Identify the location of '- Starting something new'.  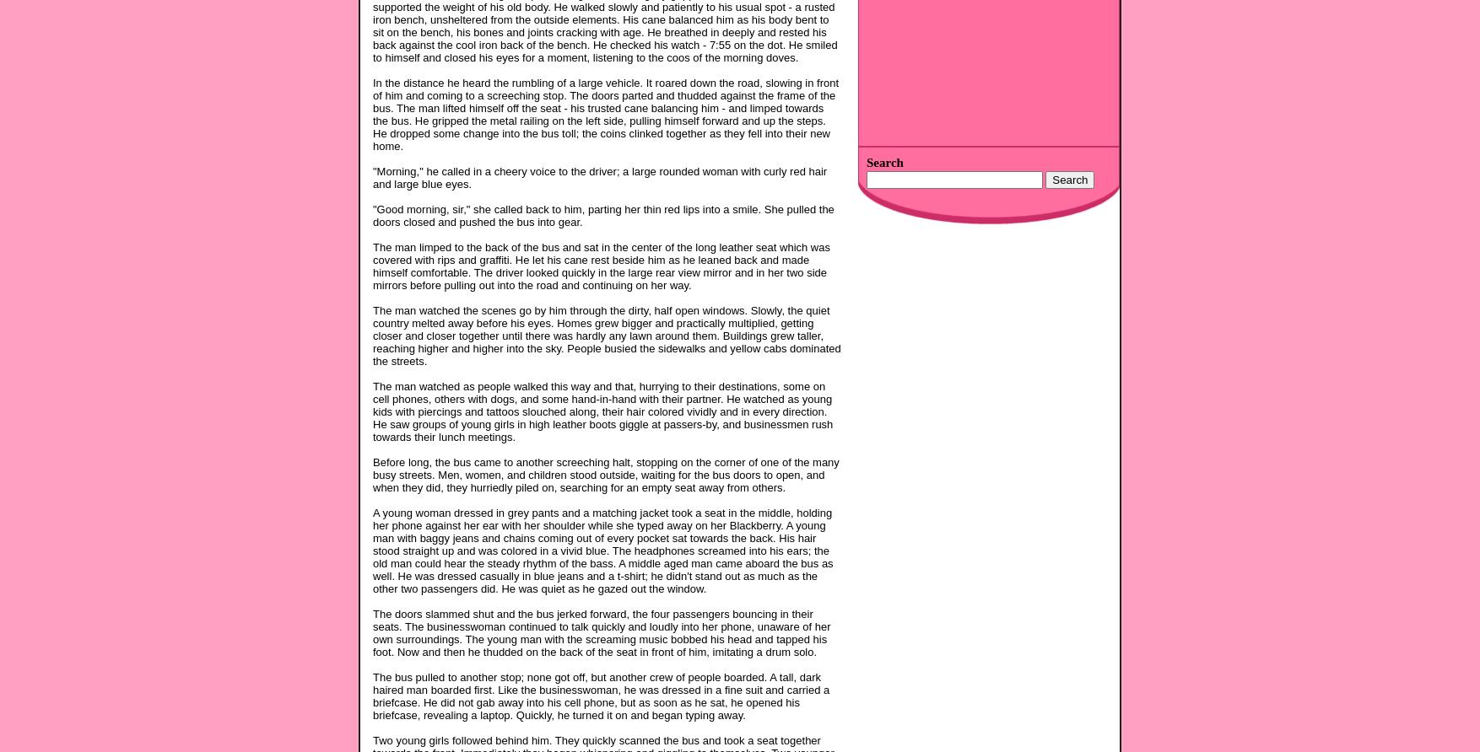
(921, 370).